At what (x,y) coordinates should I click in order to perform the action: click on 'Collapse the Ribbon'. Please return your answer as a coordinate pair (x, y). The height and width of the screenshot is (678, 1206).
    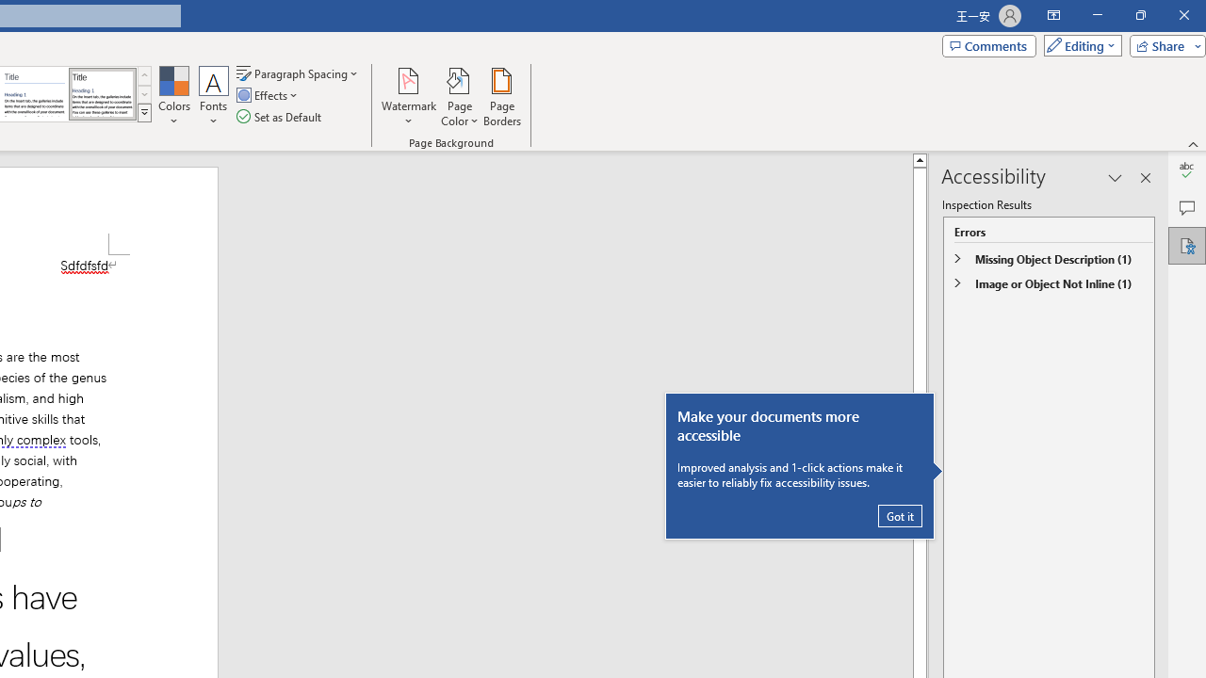
    Looking at the image, I should click on (1193, 143).